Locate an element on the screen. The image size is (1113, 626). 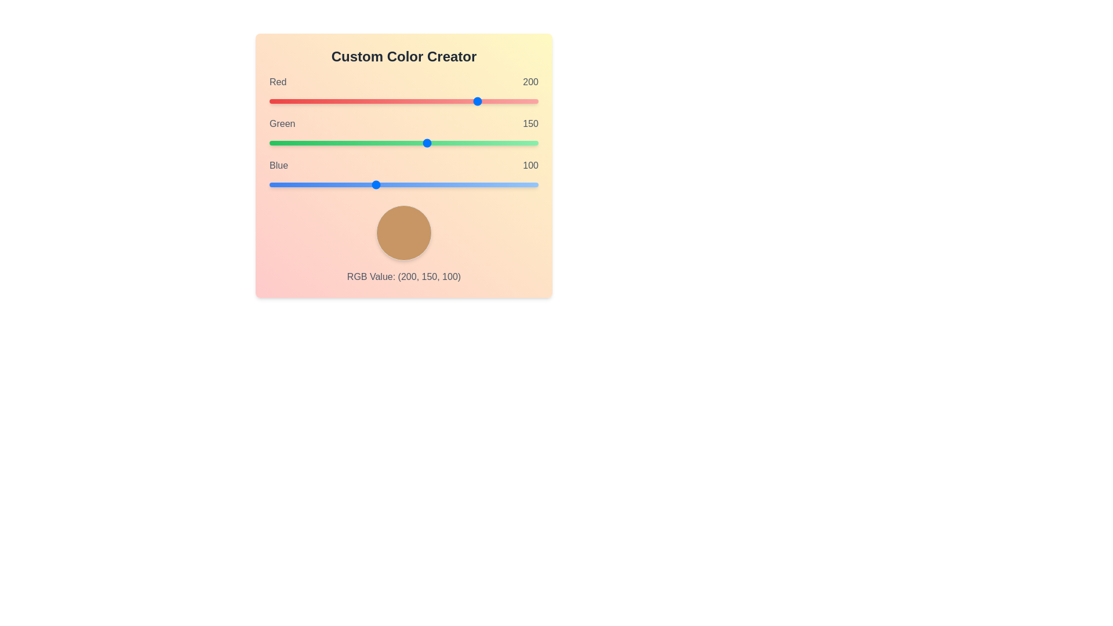
the blue slider to set the blue value to 191 is located at coordinates (471, 184).